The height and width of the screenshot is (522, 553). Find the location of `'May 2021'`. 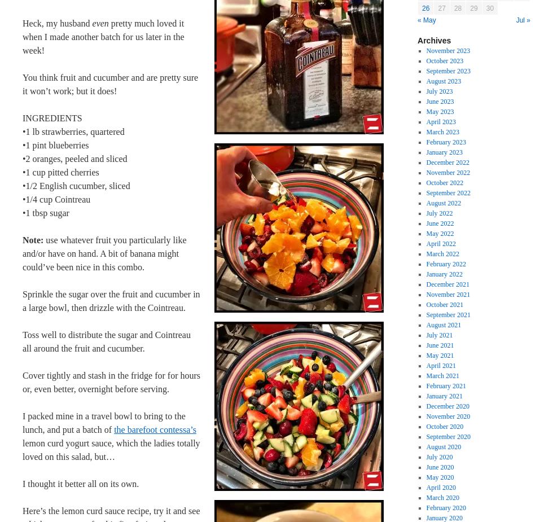

'May 2021' is located at coordinates (425, 356).